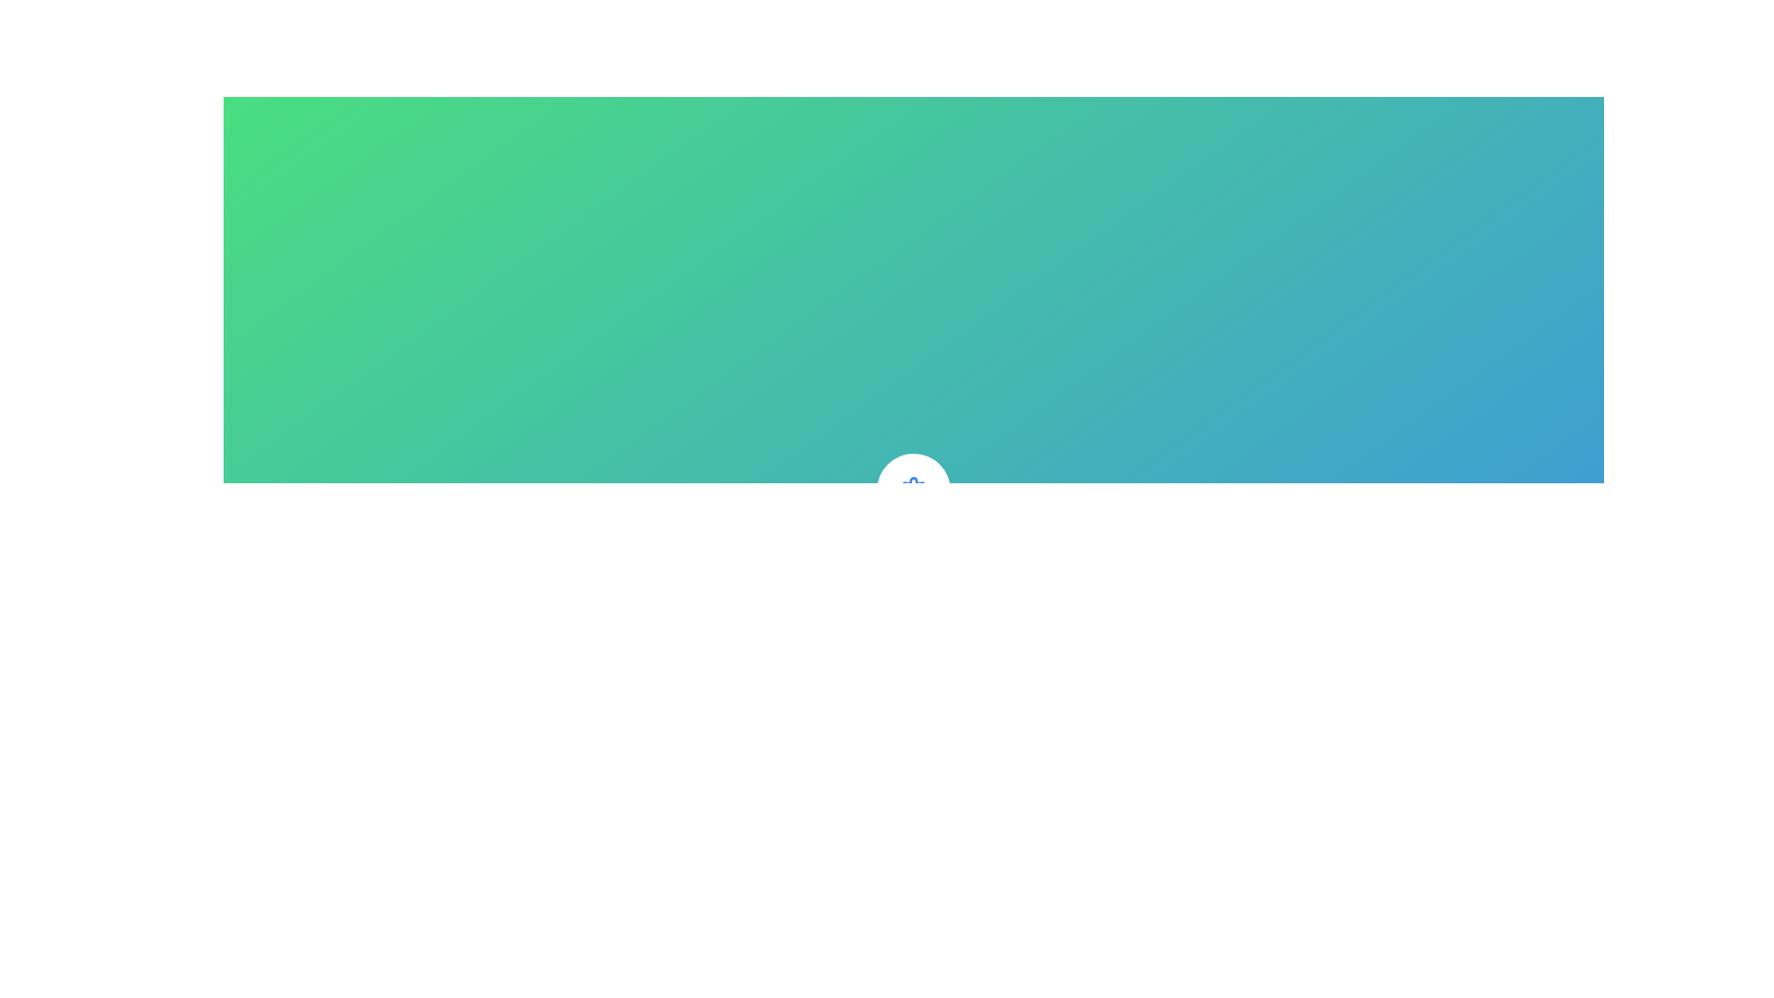  I want to click on the Icon Button located above the section with labeled buttons, so click(913, 490).